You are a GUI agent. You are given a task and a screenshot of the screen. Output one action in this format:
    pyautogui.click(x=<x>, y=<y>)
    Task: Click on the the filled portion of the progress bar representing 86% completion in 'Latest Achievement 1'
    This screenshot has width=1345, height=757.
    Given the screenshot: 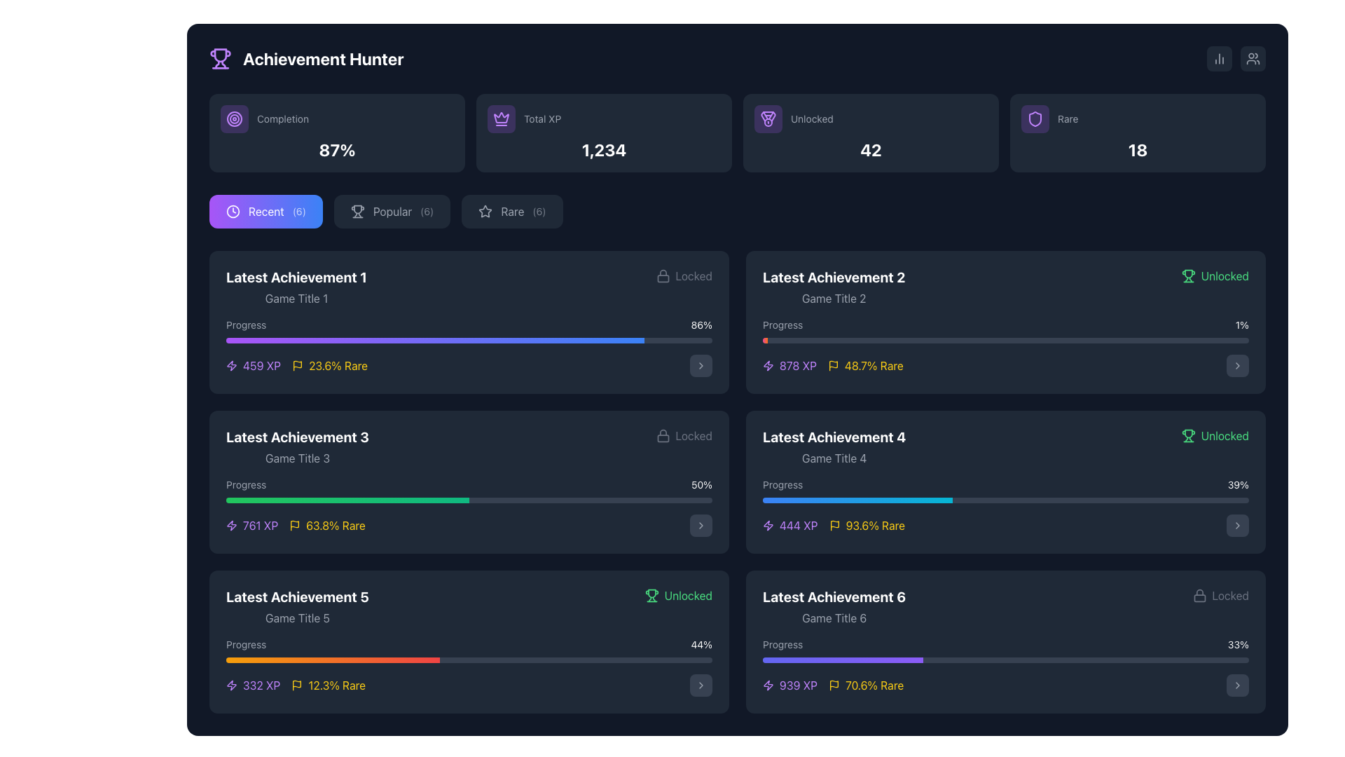 What is the action you would take?
    pyautogui.click(x=434, y=341)
    